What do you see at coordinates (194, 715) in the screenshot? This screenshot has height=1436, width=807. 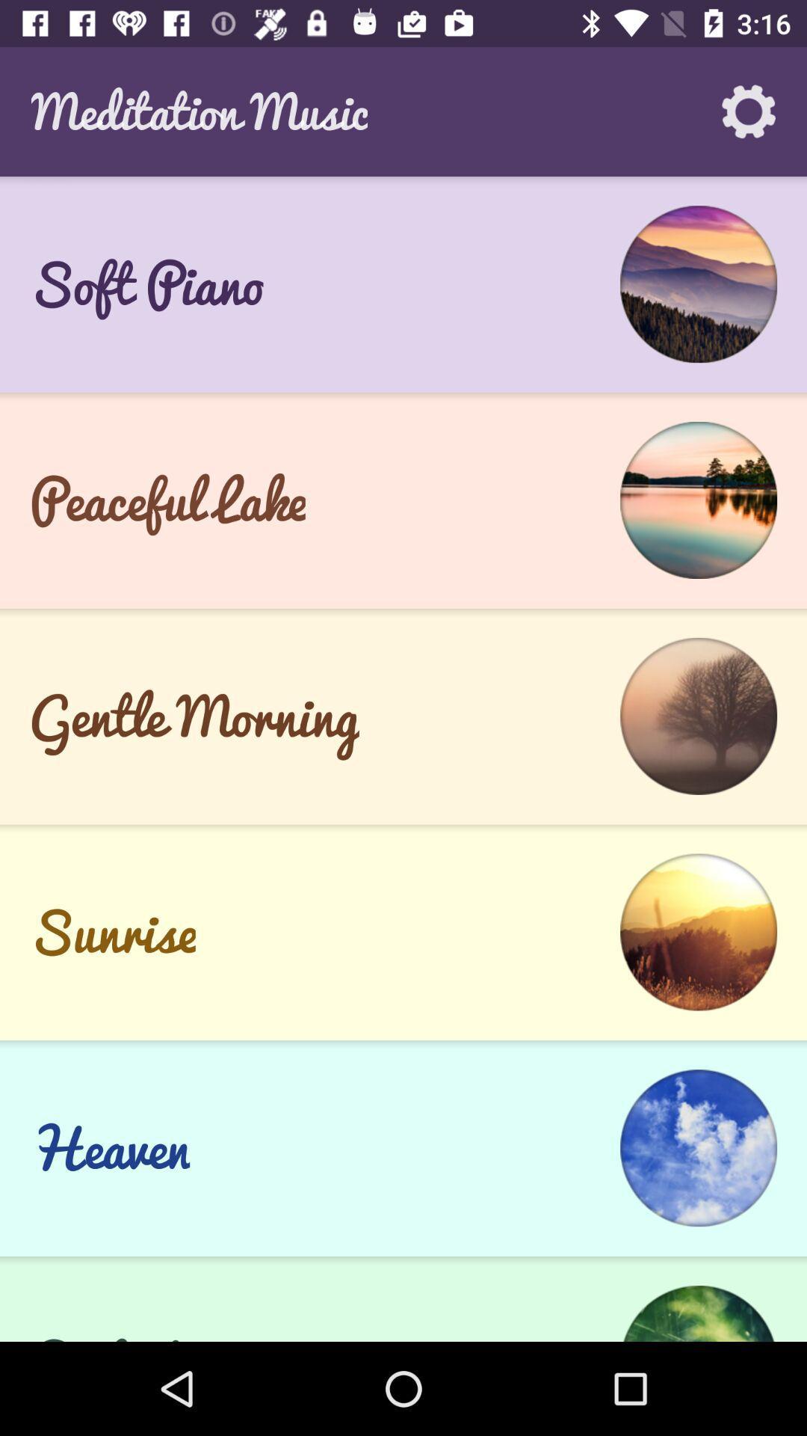 I see `gentle morning item` at bounding box center [194, 715].